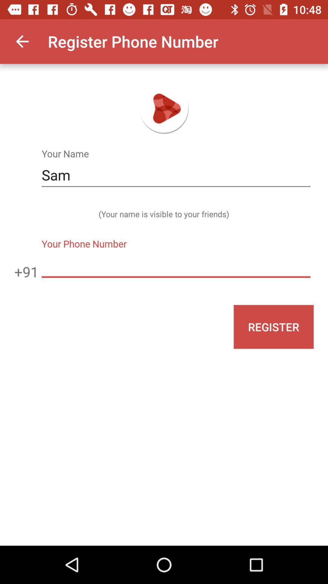  I want to click on item next to register phone number app, so click(22, 41).